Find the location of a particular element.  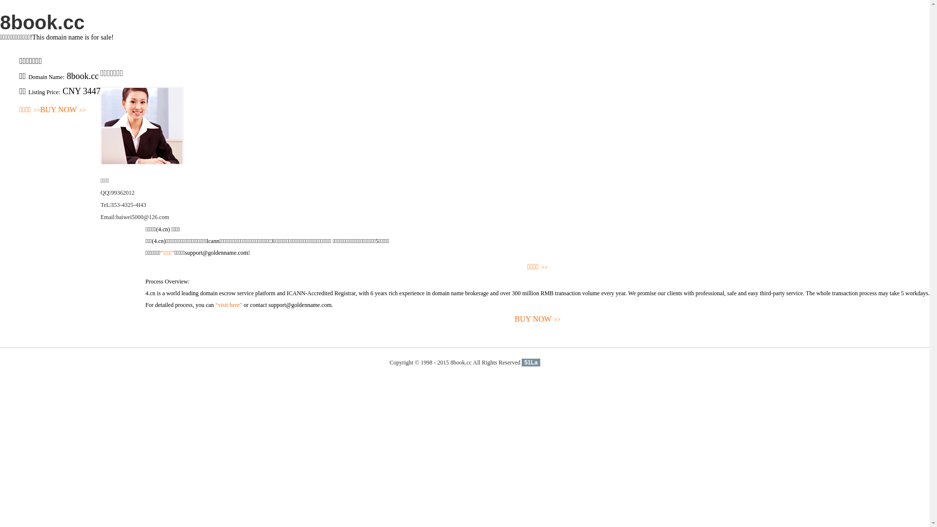

'51La' is located at coordinates (530, 363).